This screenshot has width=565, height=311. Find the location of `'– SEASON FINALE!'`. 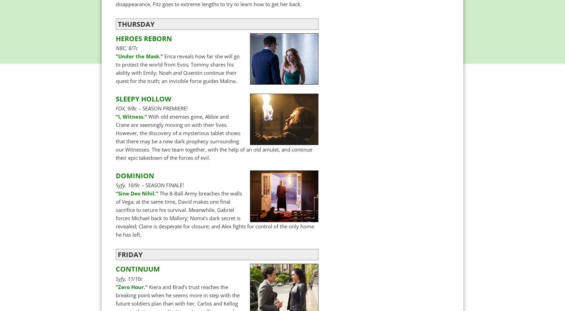

'– SEASON FINALE!' is located at coordinates (162, 185).